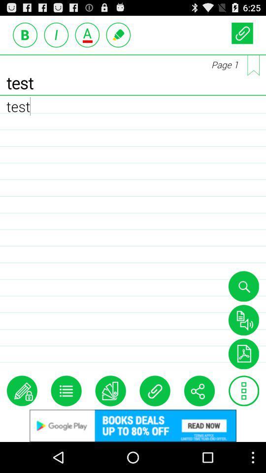 This screenshot has height=473, width=266. I want to click on add/remove underline, so click(87, 34).